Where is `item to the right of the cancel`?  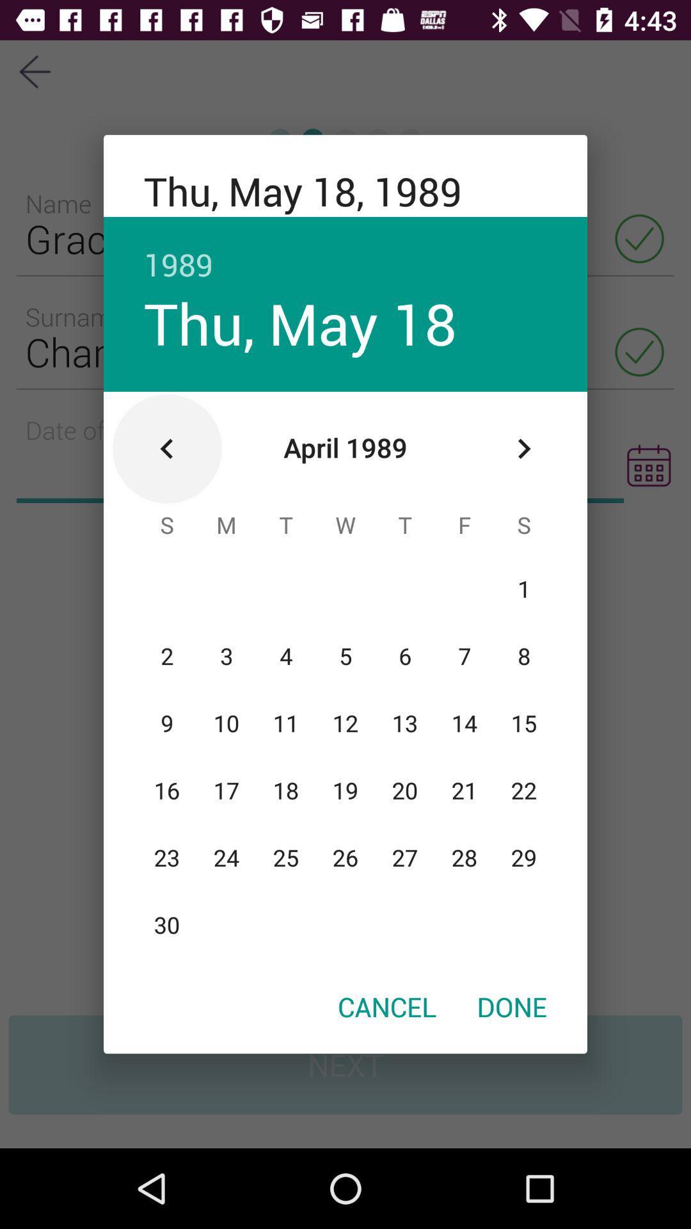 item to the right of the cancel is located at coordinates (511, 1006).